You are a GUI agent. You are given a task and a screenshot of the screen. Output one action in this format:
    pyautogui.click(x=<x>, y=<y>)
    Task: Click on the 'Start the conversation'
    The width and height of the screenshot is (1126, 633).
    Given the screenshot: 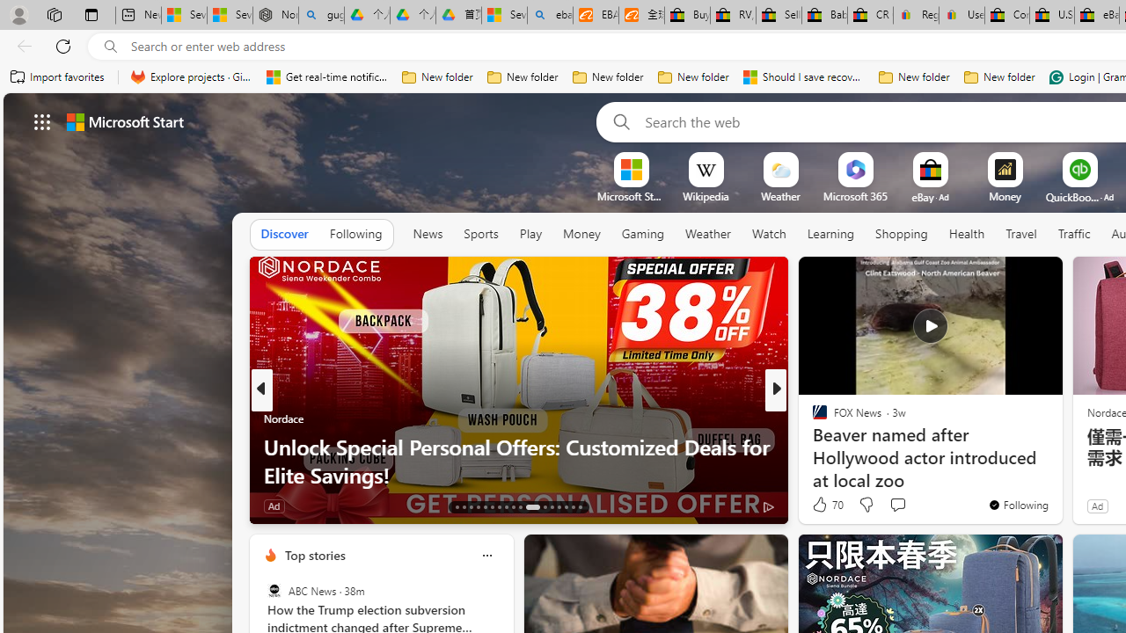 What is the action you would take?
    pyautogui.click(x=897, y=504)
    